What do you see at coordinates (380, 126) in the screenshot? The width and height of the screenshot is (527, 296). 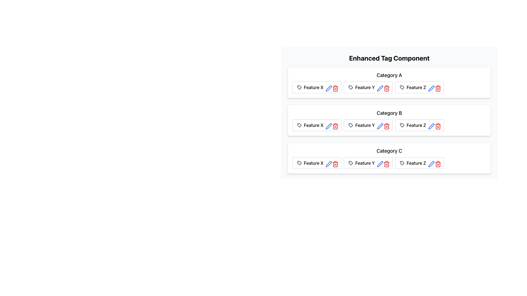 I see `the blue pen icon used for editing, located after the text 'Feature Y' and before the red trash bin icon in the second row labeled 'Category B'` at bounding box center [380, 126].